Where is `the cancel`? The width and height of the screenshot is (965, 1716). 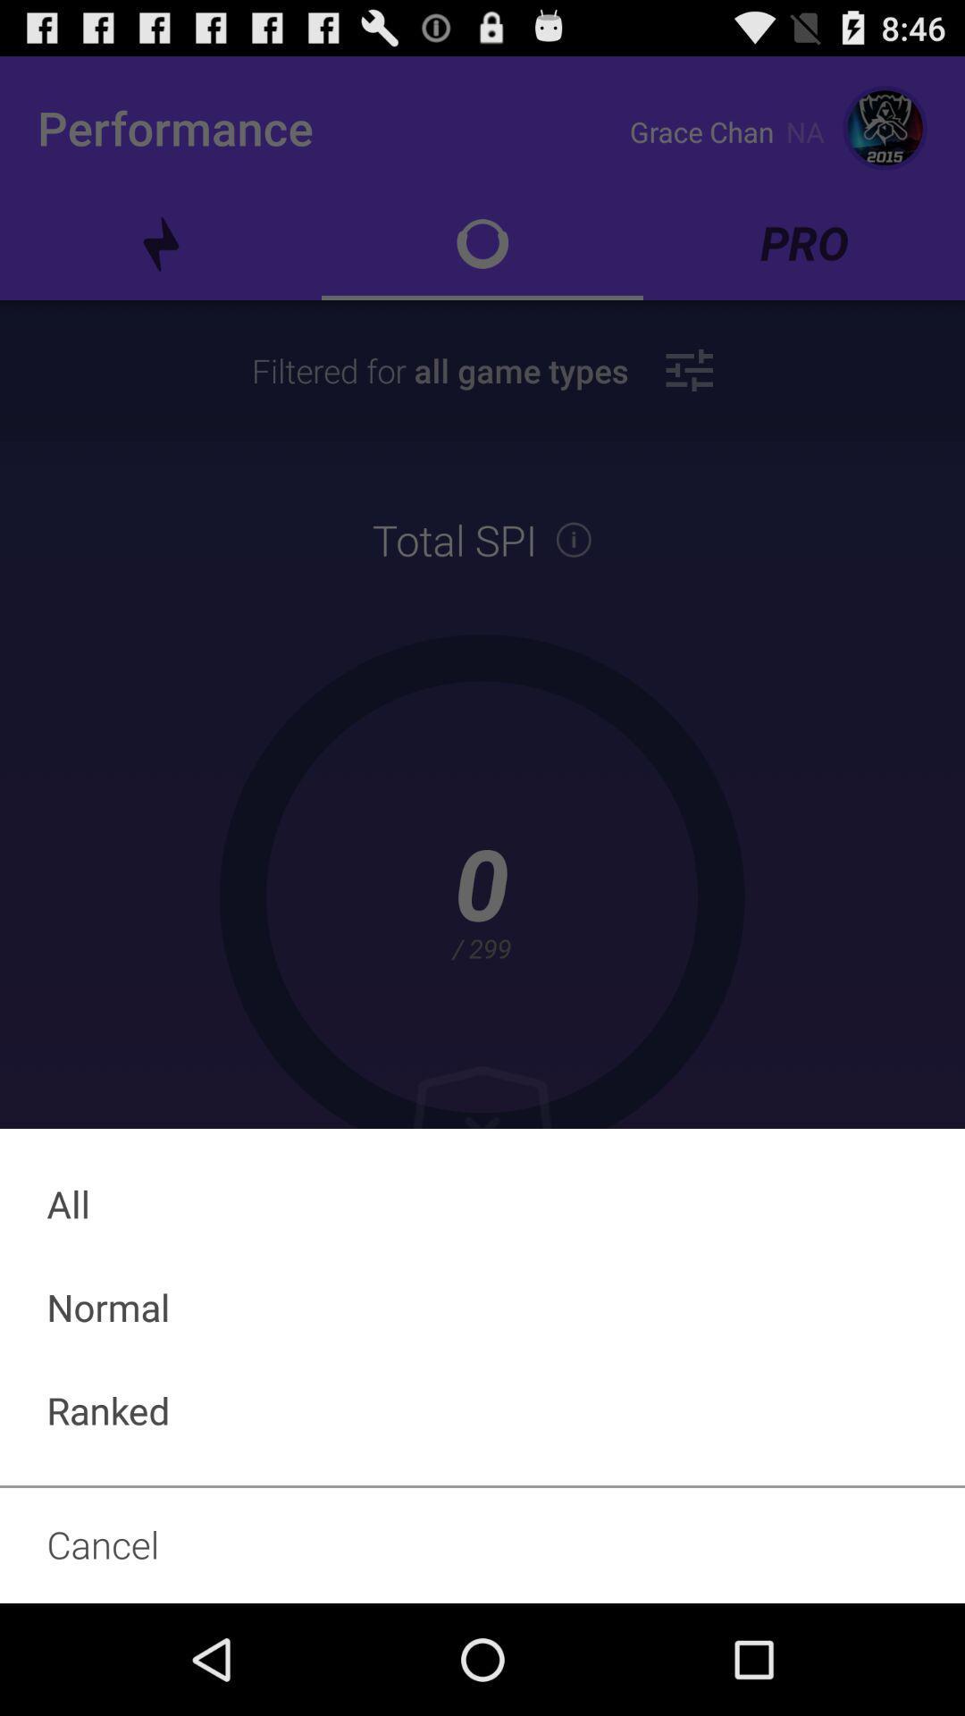
the cancel is located at coordinates (482, 1544).